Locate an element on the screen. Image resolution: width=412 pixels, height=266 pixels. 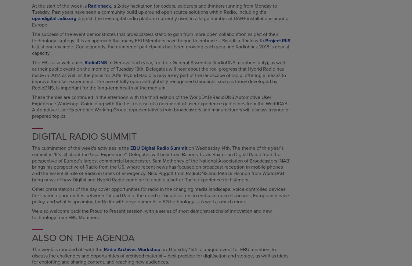
'on Wednesday 14th. The theme of this year’s summit is "It’s all about the User Experience". Delegates will hear from Bauer’s Travis Baxter on Digital Radio from the perspective of Europe’s largest commercial broadcaster. Sam Metheney of the National Association of Broadcasters (NAB) brings his perspective of Radio from the US, where recent news has focused on broadcast reception in mobile phones and the essential role of Radio in times of emergency. Nick Piggott from RadioDNS and Patrick Hannon from WorldDAB bring news of how Digital and Hybrid Radio combine to enable a better Radio experience for listeners.' is located at coordinates (32, 164).